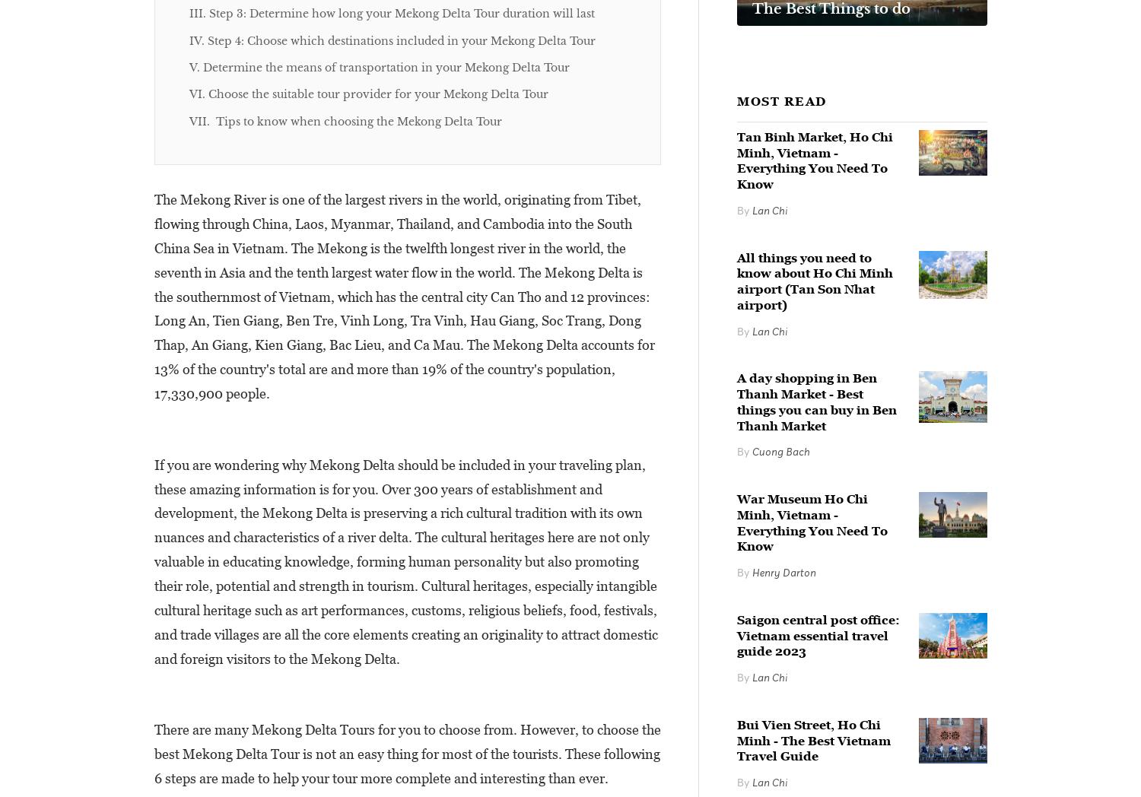  What do you see at coordinates (153, 295) in the screenshot?
I see `'The Mekong River is one of the largest rivers in the world, originating from Tibet, flowing through China, Laos, Myanmar, Thailand, and Cambodia into the South China Sea in Vietnam. The Mekong is the twelfth longest river in the world, the seventh in Asia and the tenth largest water flow in the world. The Mekong Delta is the southernmost of Vietnam, which has the central city Can Tho and 12 provinces: Long An, Tien Giang, Ben Tre, Vinh Long, Tra Vinh, Hau Giang, Soc Trang, Dong Thap, An Giang, Kien Giang, Bac Lieu, and Ca Mau. The Mekong Delta accounts for 13% of the country's total are and more than 19% of the country's population, 17,330,900 people.'` at bounding box center [153, 295].